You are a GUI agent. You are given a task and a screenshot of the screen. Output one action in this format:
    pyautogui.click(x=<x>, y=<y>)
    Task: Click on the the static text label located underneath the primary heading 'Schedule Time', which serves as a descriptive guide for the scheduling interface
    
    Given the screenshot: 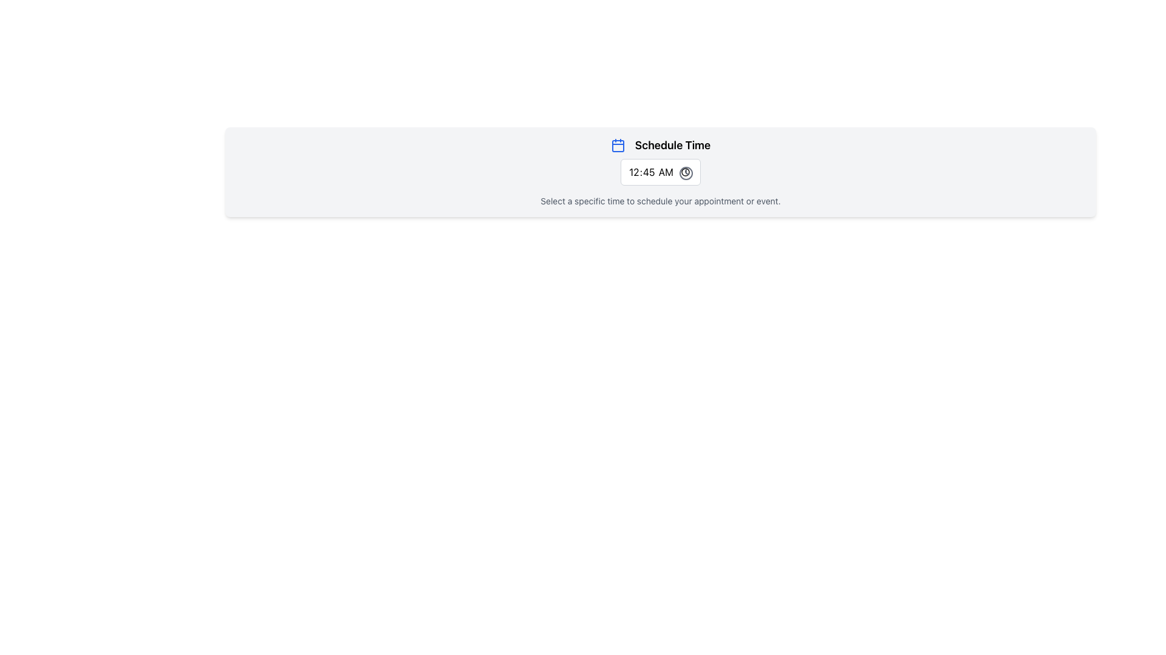 What is the action you would take?
    pyautogui.click(x=660, y=200)
    